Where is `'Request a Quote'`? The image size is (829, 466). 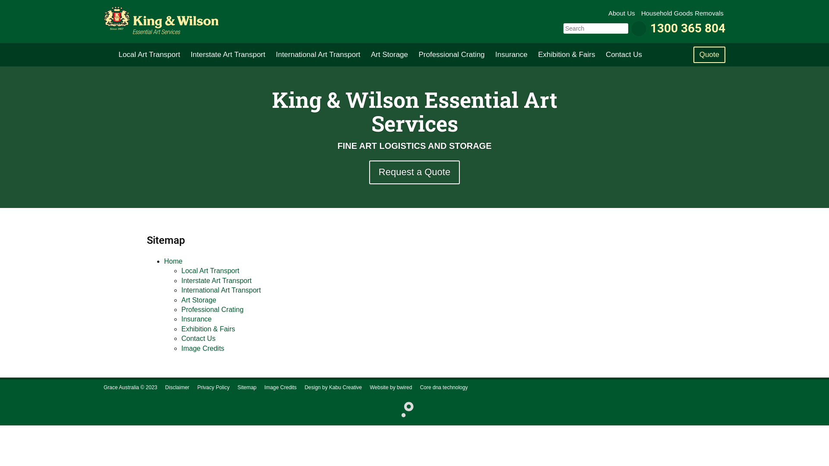
'Request a Quote' is located at coordinates (414, 172).